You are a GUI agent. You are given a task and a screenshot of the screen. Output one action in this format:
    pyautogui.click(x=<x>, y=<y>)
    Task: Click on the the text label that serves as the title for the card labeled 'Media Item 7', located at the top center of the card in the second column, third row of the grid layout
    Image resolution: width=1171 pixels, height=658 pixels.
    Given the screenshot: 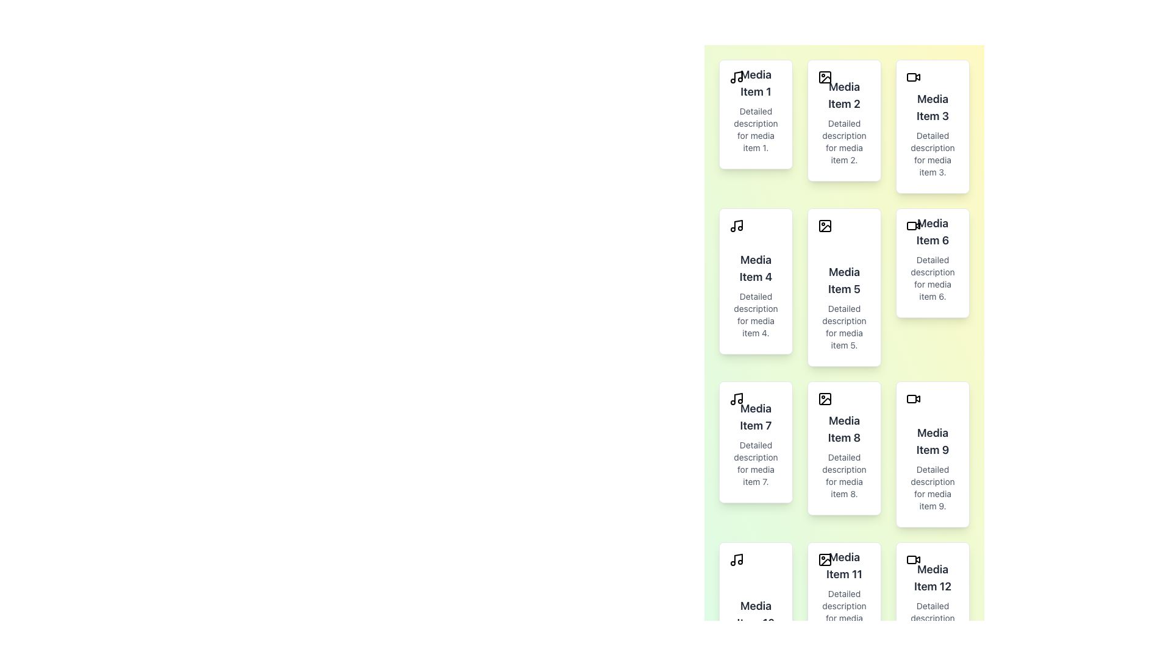 What is the action you would take?
    pyautogui.click(x=755, y=417)
    